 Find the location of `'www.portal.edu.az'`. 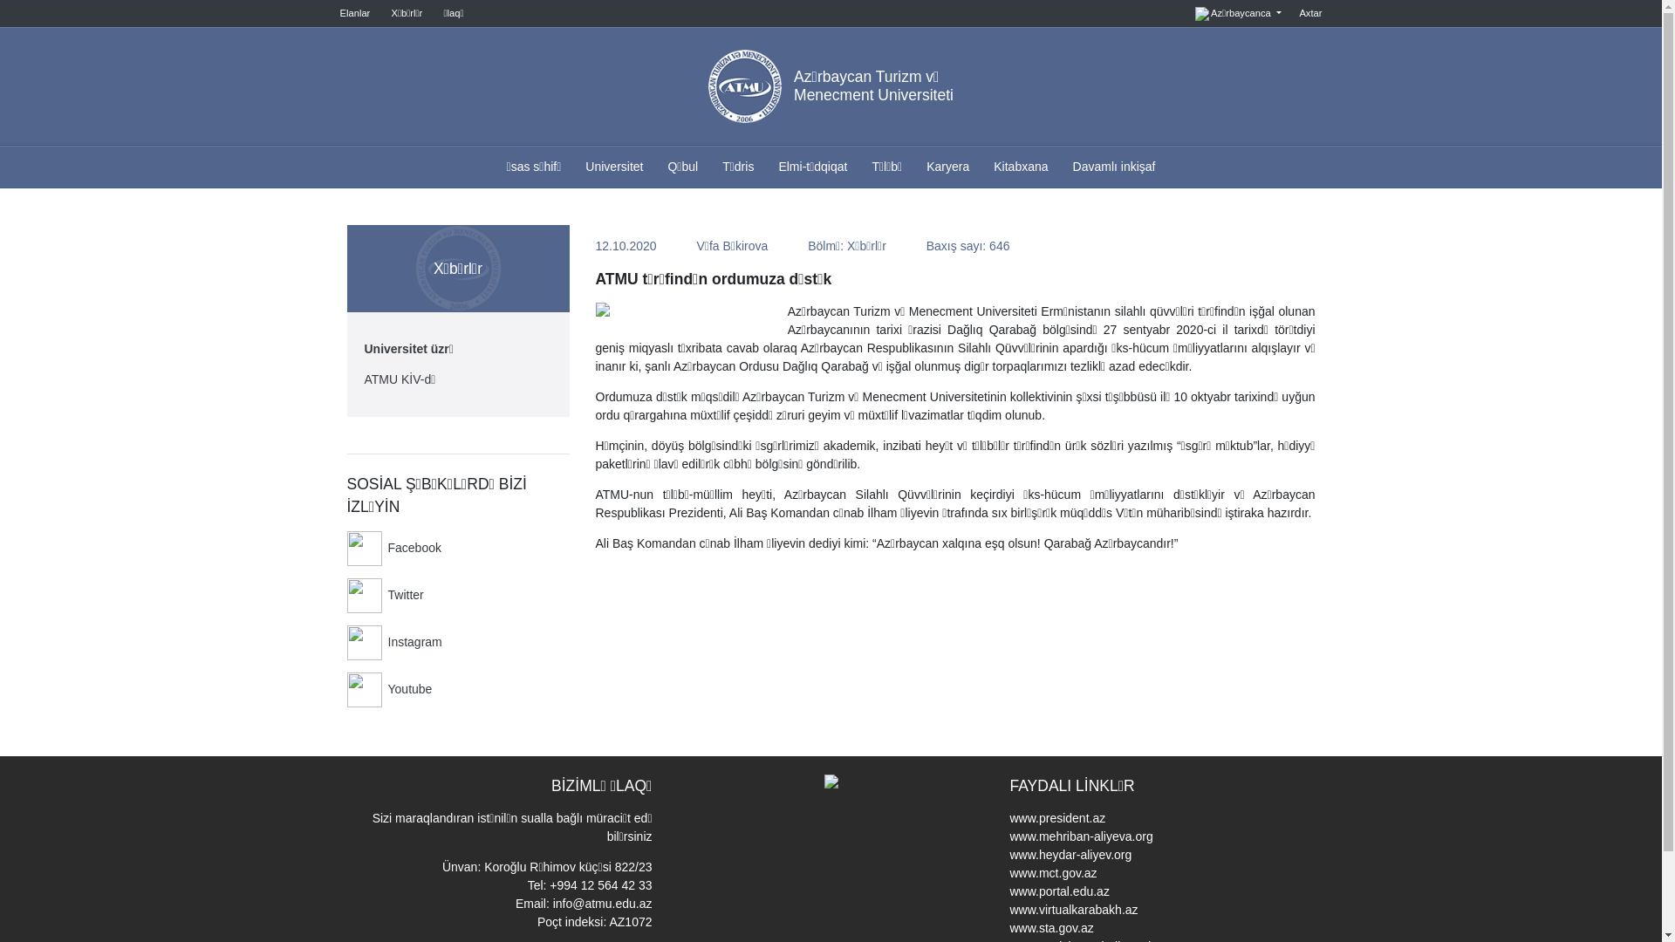

'www.portal.edu.az' is located at coordinates (1058, 891).